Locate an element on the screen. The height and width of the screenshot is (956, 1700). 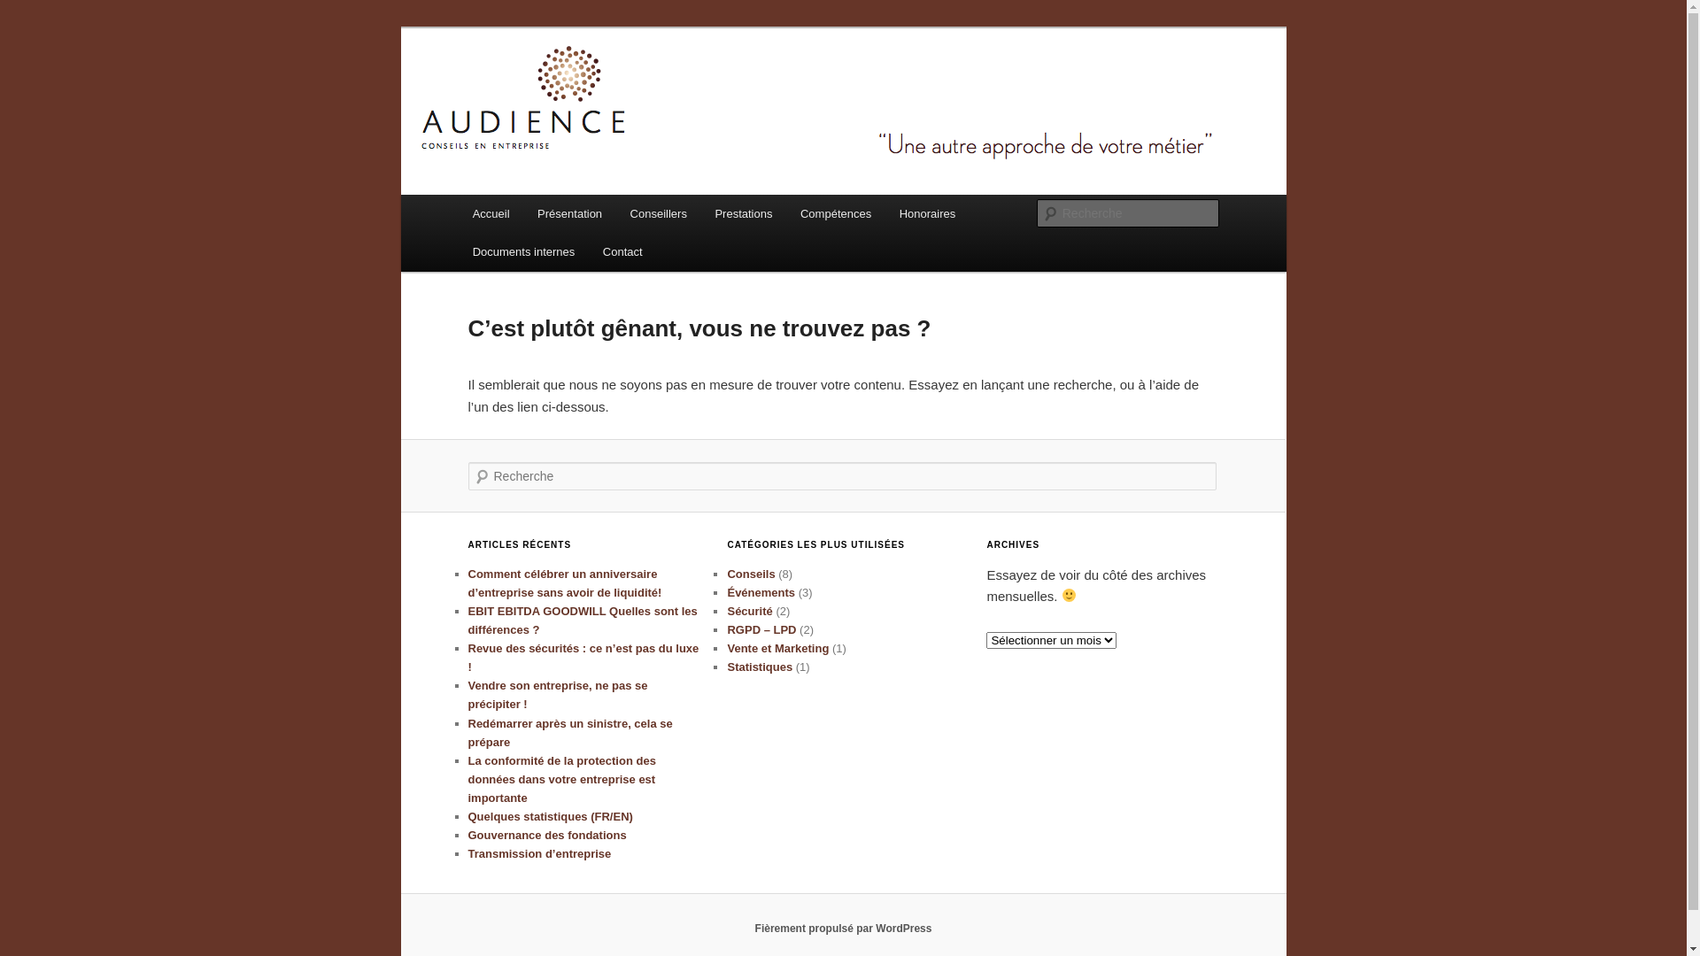
'Vente et Marketing' is located at coordinates (777, 648).